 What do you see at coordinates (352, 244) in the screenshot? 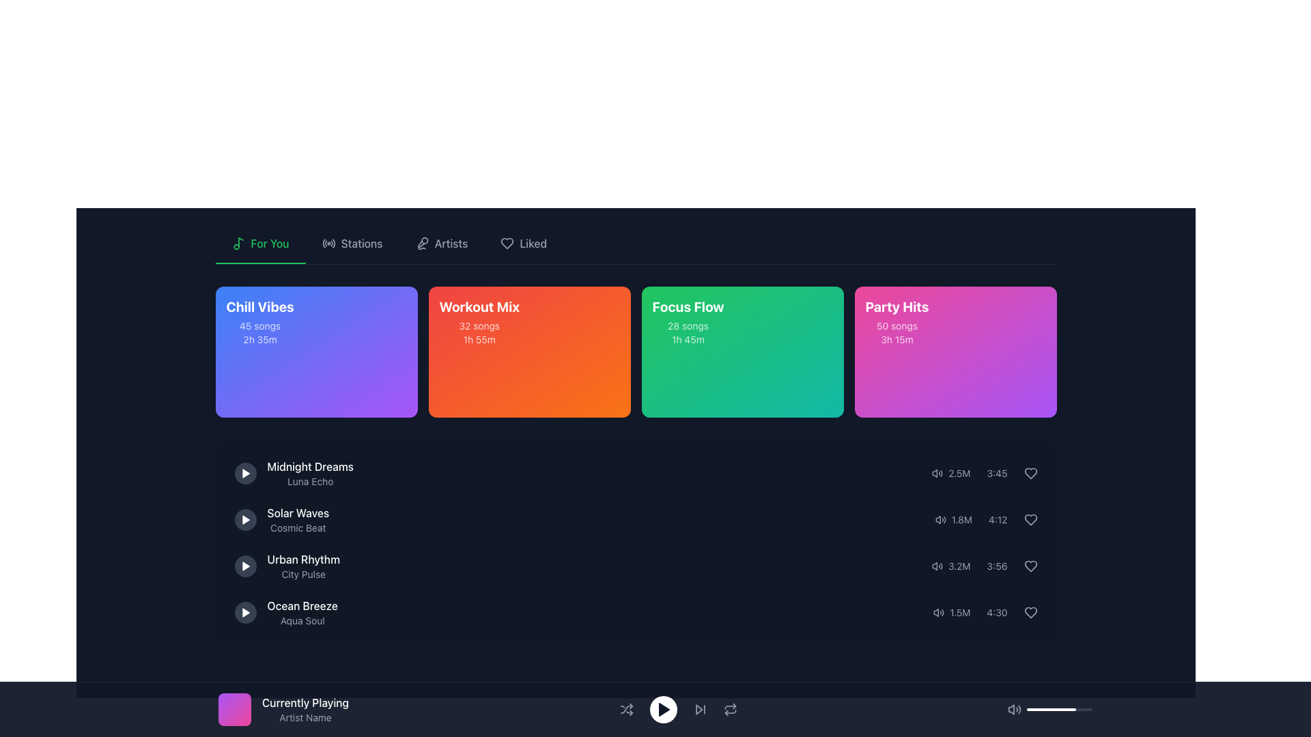
I see `the 'Stations' button, which is the second interactive item in the horizontal menu bar located between 'For You' and 'Artists'` at bounding box center [352, 244].